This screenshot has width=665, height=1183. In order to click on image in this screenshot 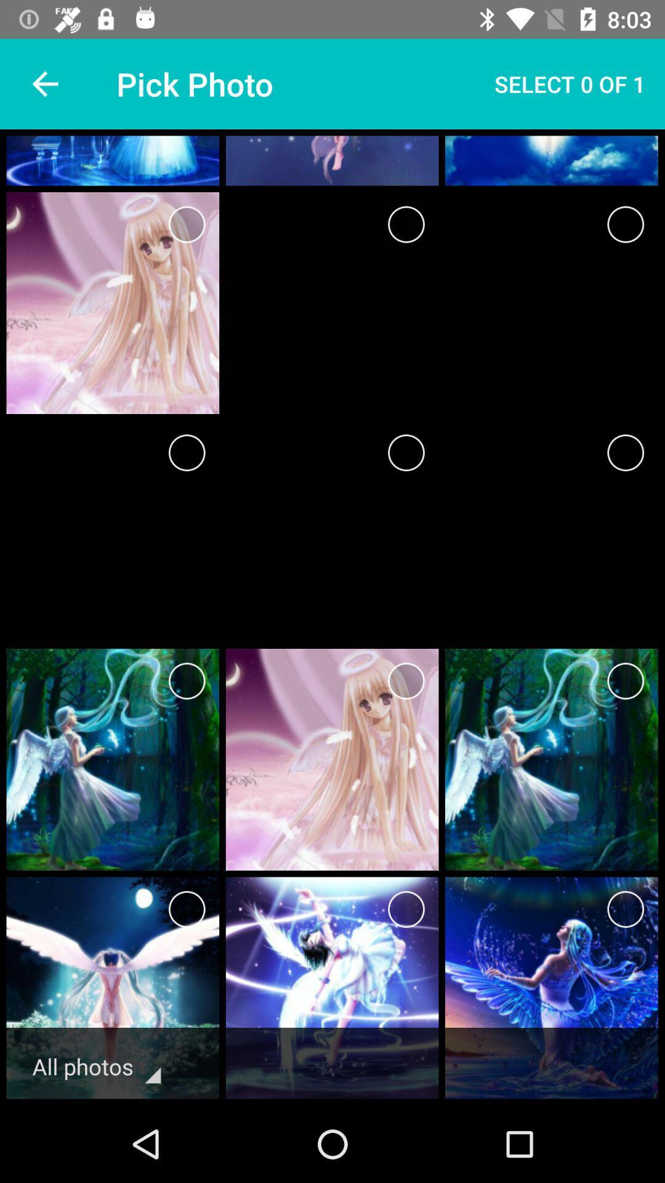, I will do `click(626, 909)`.